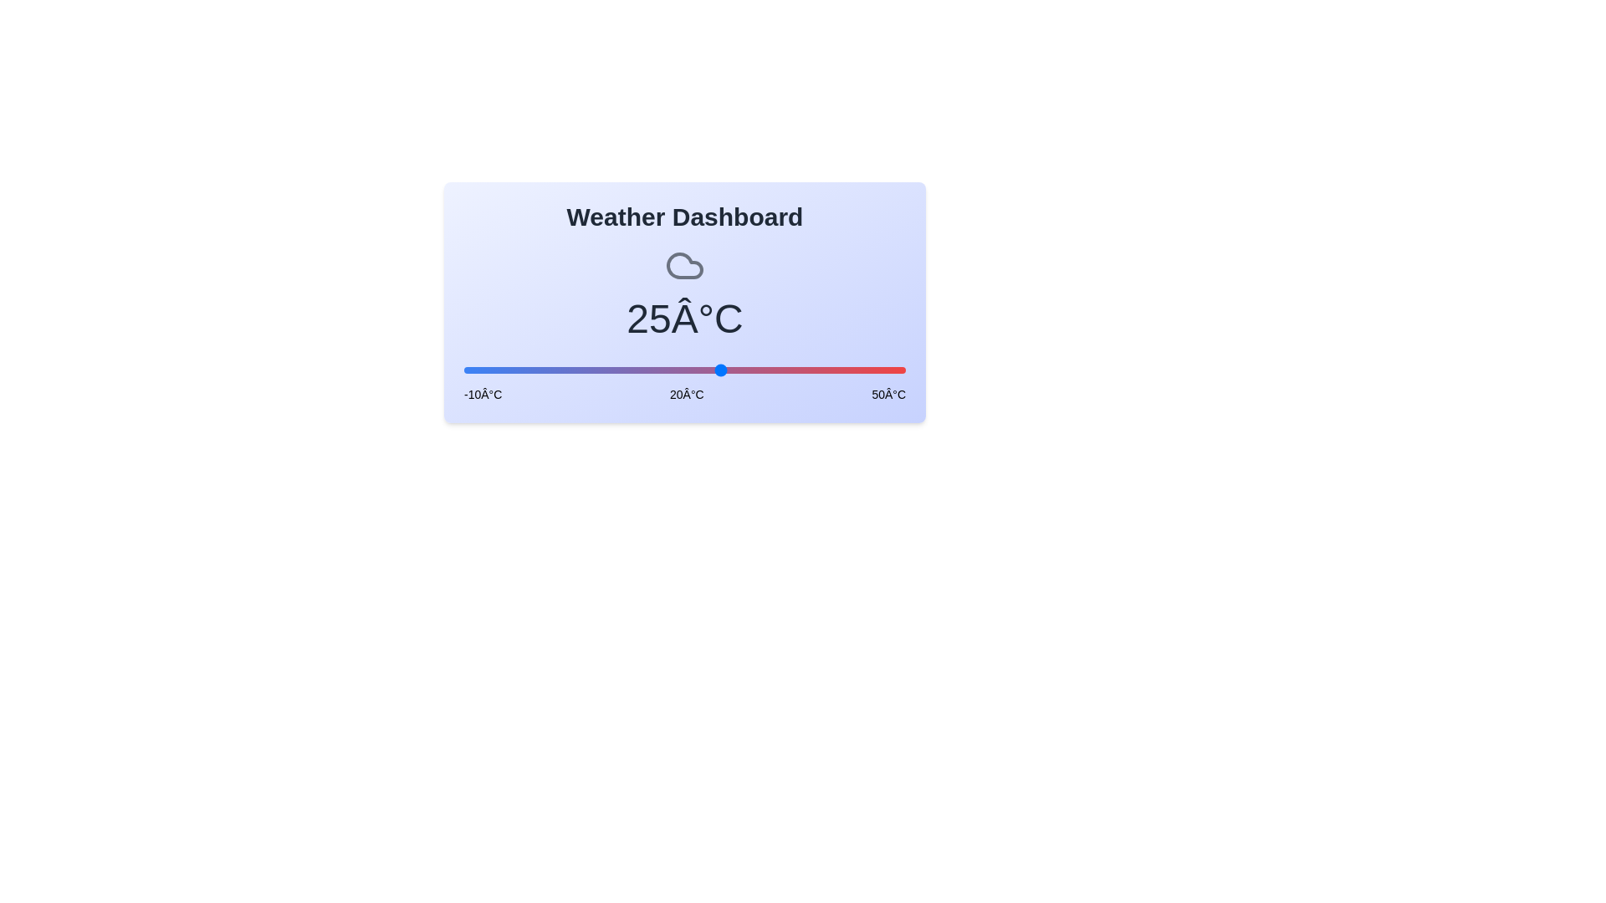 Image resolution: width=1606 pixels, height=903 pixels. Describe the element at coordinates (882, 370) in the screenshot. I see `the slider to a specific temperature value 47 within the range [-10, 50]` at that location.